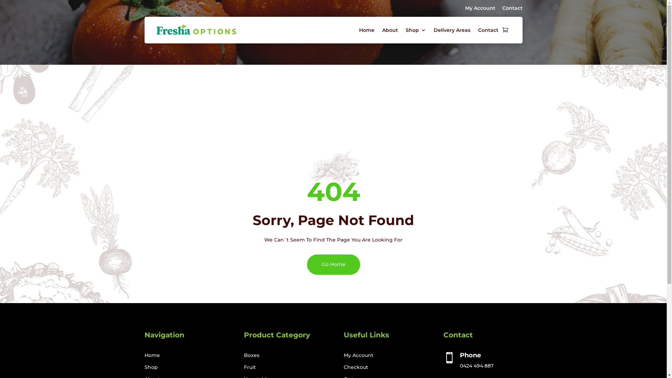 This screenshot has width=672, height=378. Describe the element at coordinates (358, 355) in the screenshot. I see `'My Account'` at that location.